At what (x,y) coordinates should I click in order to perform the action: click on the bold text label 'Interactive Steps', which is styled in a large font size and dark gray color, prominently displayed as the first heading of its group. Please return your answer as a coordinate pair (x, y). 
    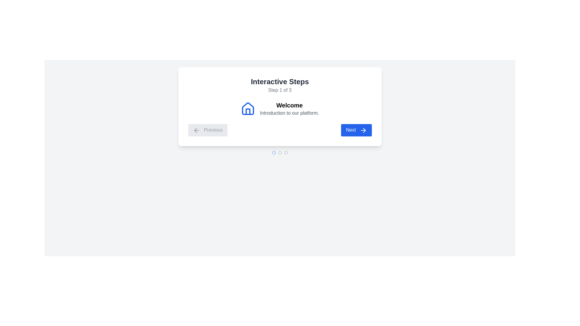
    Looking at the image, I should click on (279, 81).